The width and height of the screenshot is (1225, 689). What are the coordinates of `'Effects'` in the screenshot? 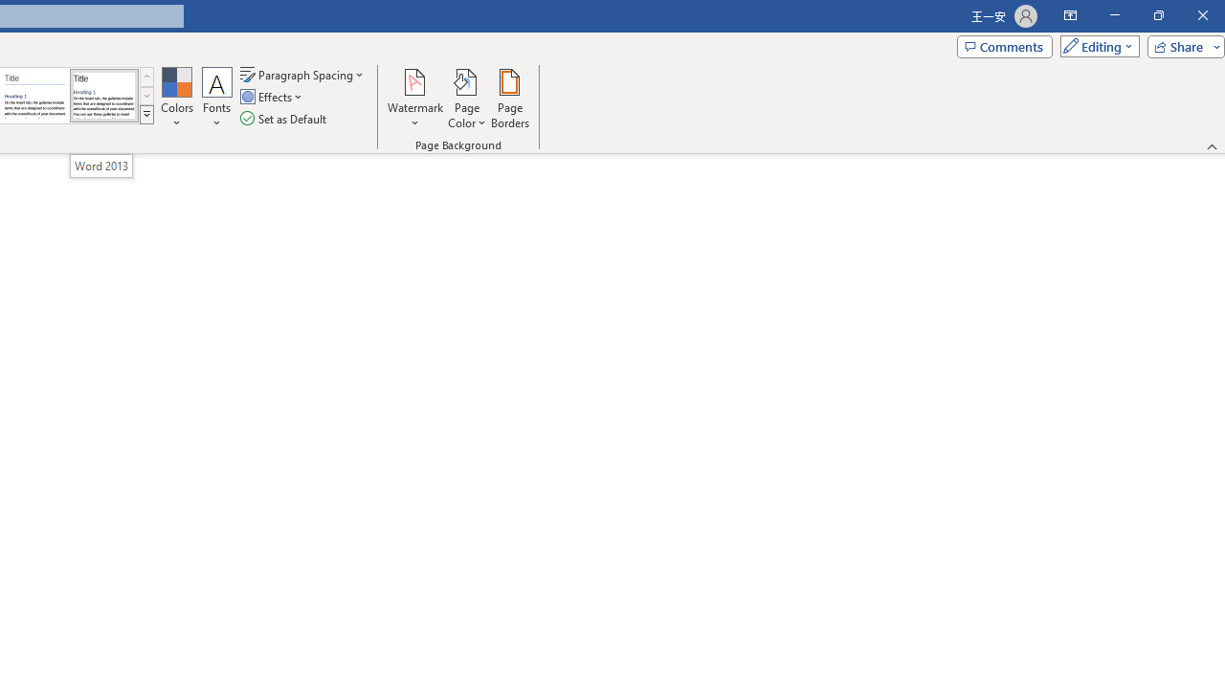 It's located at (272, 97).